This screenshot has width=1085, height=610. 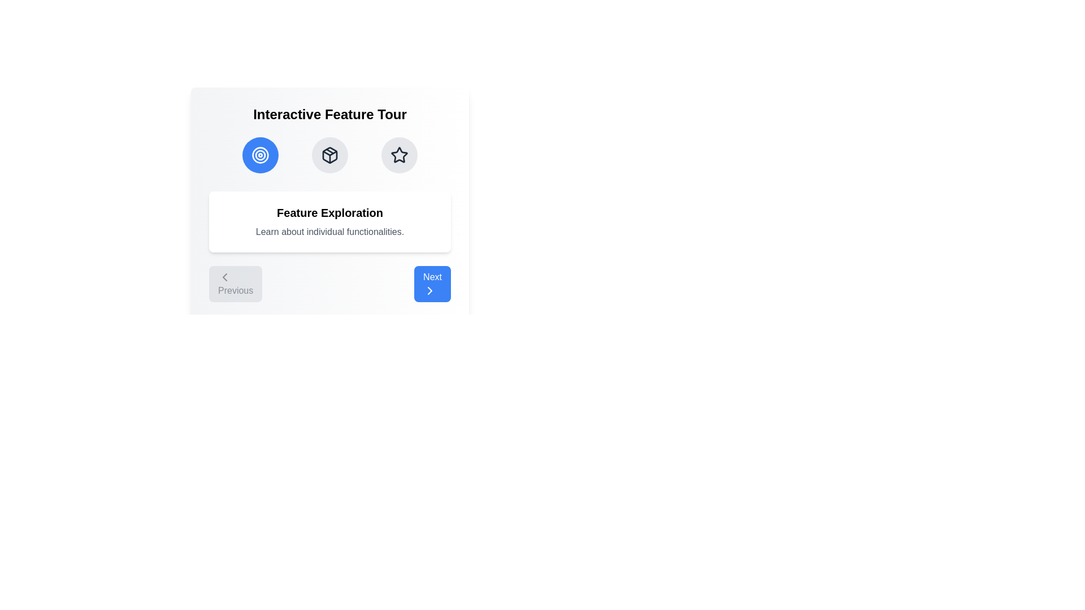 I want to click on the middle circular icon with a light gray background, located in a row of three icons under the 'Interactive Feature Tour' heading, so click(x=329, y=155).